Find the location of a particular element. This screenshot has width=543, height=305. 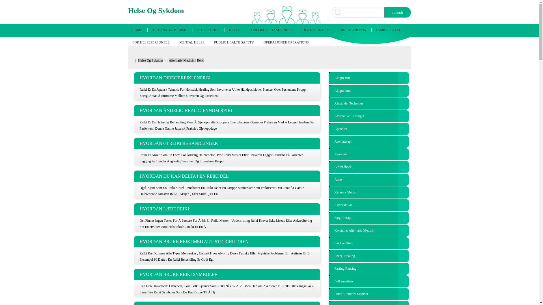

'Krystaller Alternativ Medisin' is located at coordinates (369, 230).